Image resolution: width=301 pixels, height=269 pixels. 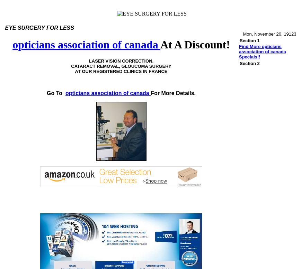 I want to click on 'Mon, November 20, 19123', so click(x=269, y=34).